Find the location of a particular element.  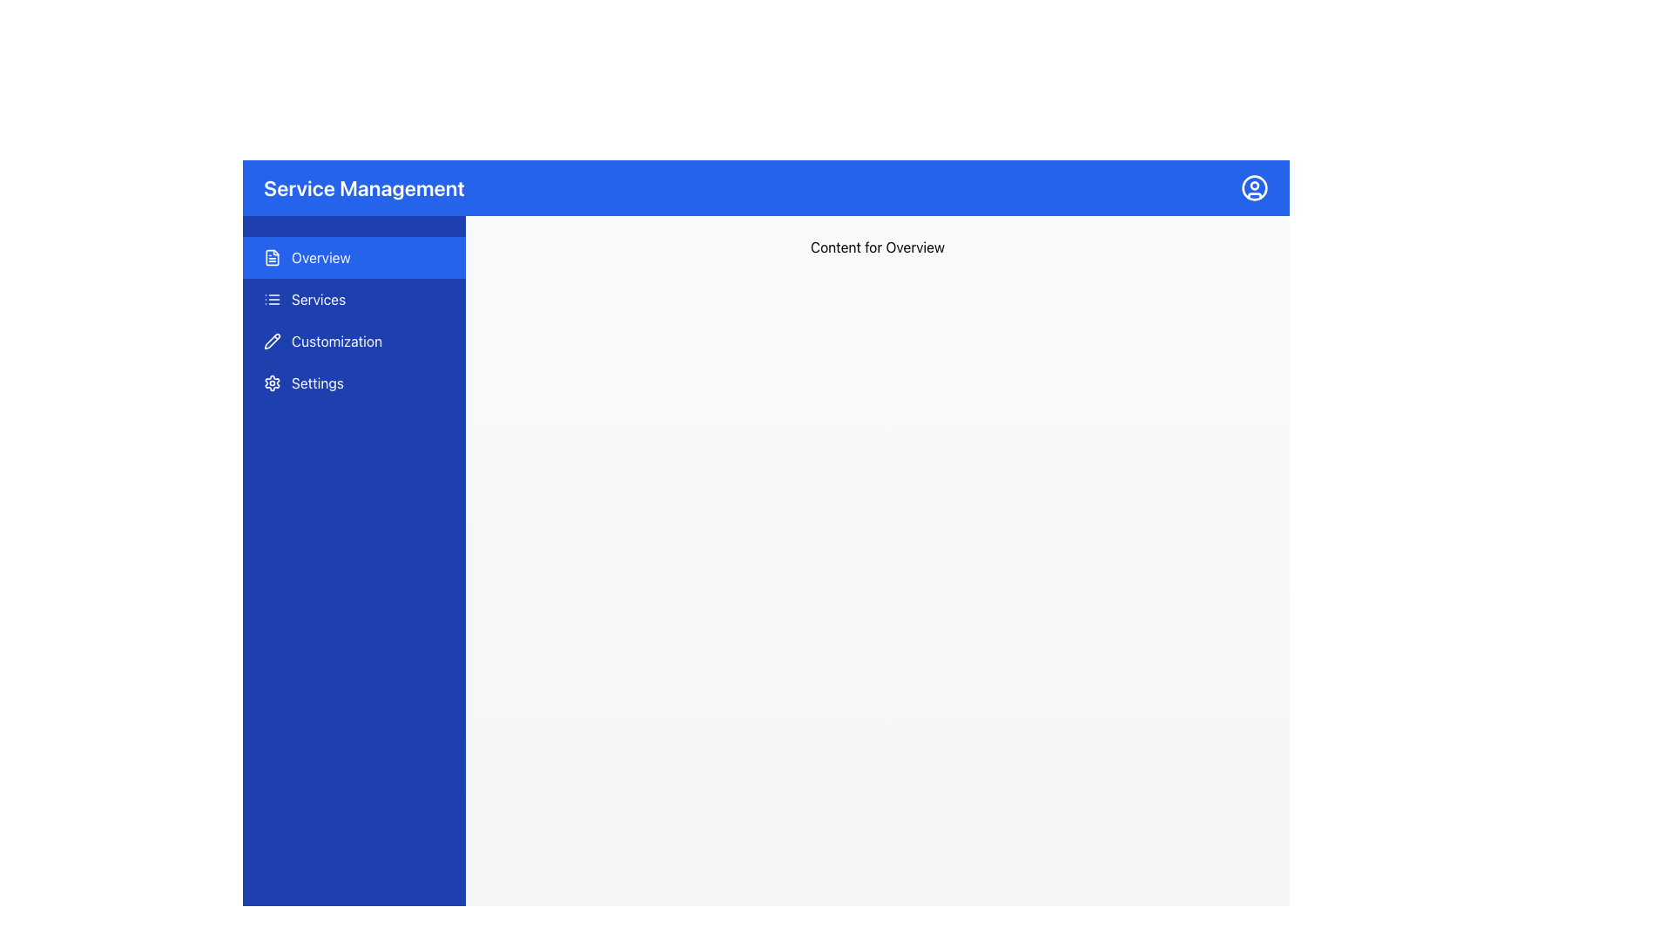

the settings icon, which is a cogwheel image located to the left of the 'Settings' text in the vertical navigation bar is located at coordinates (271, 382).